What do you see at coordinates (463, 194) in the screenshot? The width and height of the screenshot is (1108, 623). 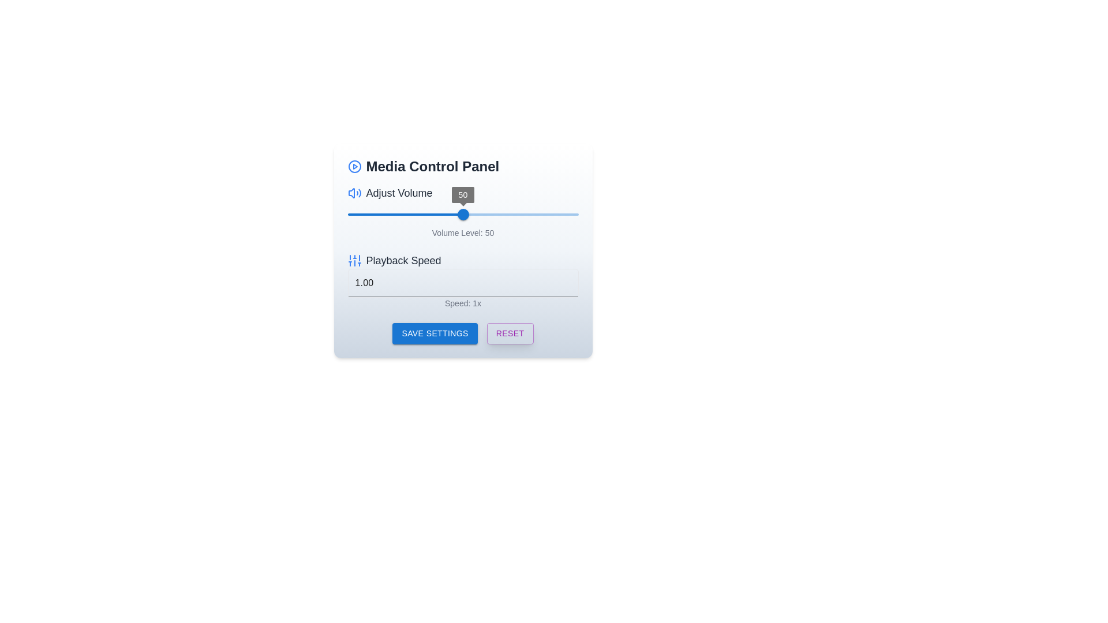 I see `the Value label displaying '50' for the Adjust Volume slider, which is located directly above the slider handle` at bounding box center [463, 194].